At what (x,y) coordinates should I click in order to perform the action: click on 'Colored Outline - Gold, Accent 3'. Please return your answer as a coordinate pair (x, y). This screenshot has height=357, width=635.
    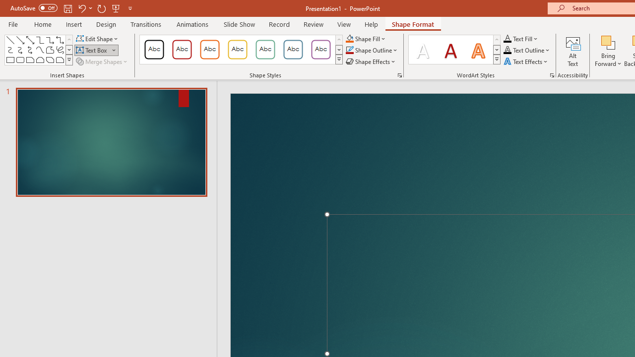
    Looking at the image, I should click on (237, 50).